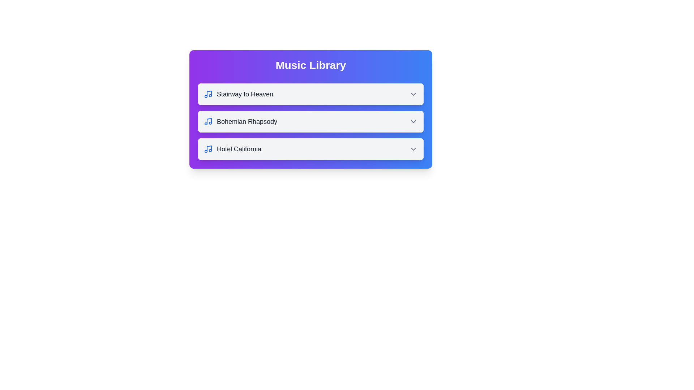 The image size is (694, 390). I want to click on the music icon located to the left of the text 'Bohemian Rhapsody' in the second row of the list, so click(208, 121).